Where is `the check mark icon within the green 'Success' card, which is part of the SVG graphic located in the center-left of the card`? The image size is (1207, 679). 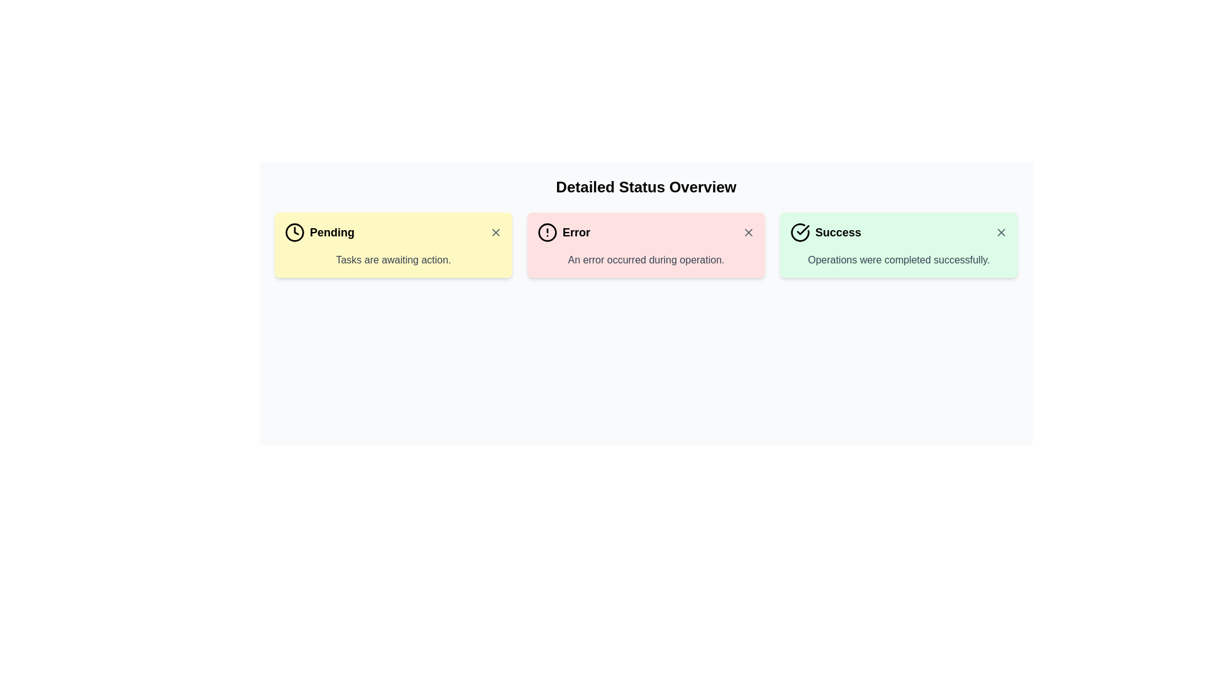 the check mark icon within the green 'Success' card, which is part of the SVG graphic located in the center-left of the card is located at coordinates (802, 230).